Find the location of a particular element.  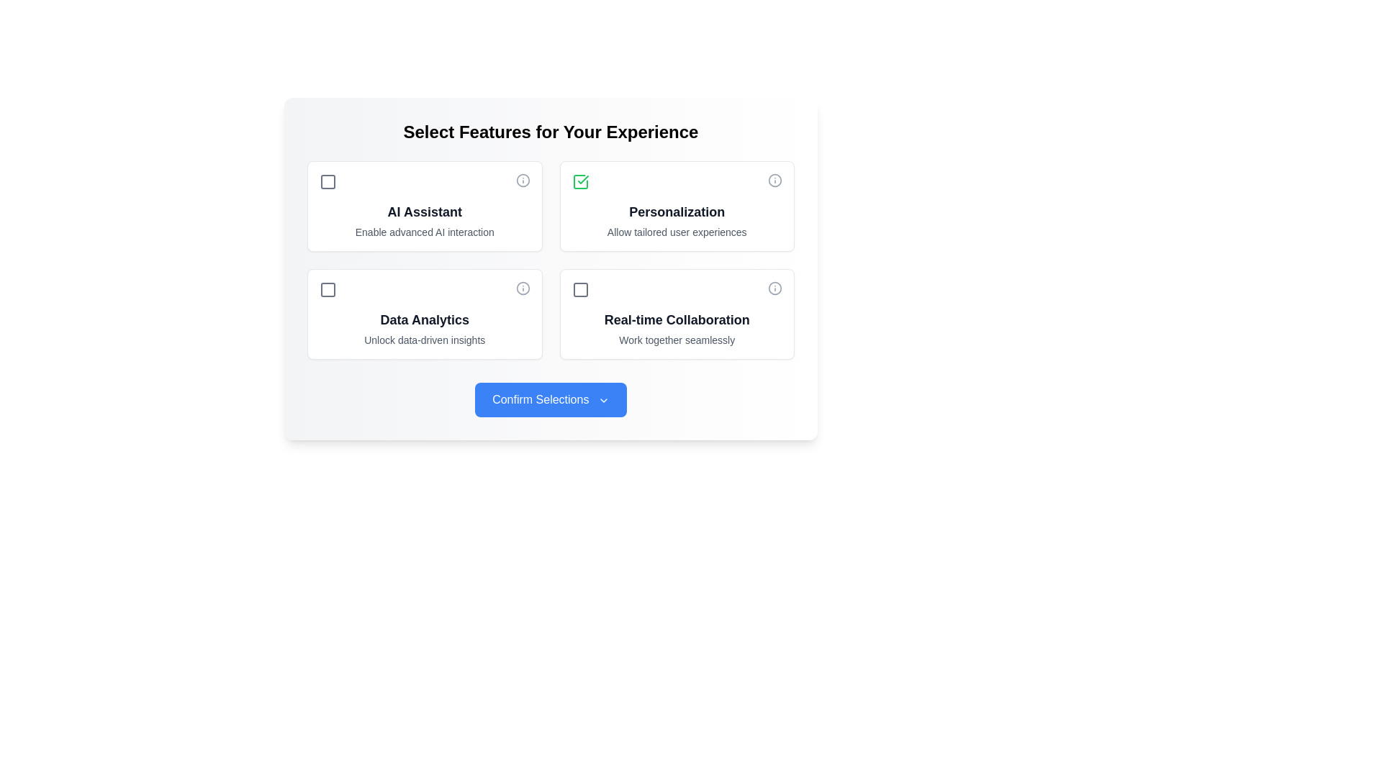

the light gray text label that reads 'Allow tailored user experiences,' located below the bold 'Personalization' title is located at coordinates (676, 232).